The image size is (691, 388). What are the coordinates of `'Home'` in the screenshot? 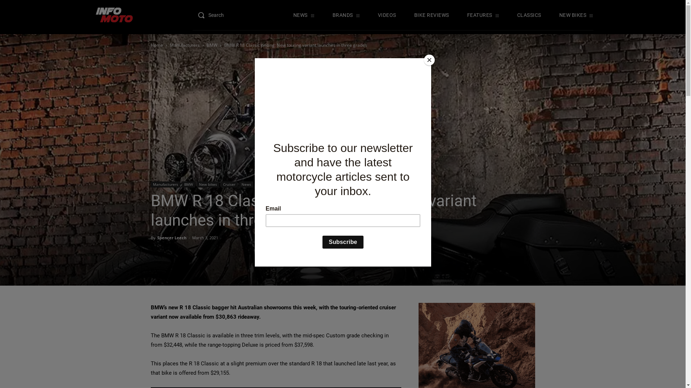 It's located at (156, 45).